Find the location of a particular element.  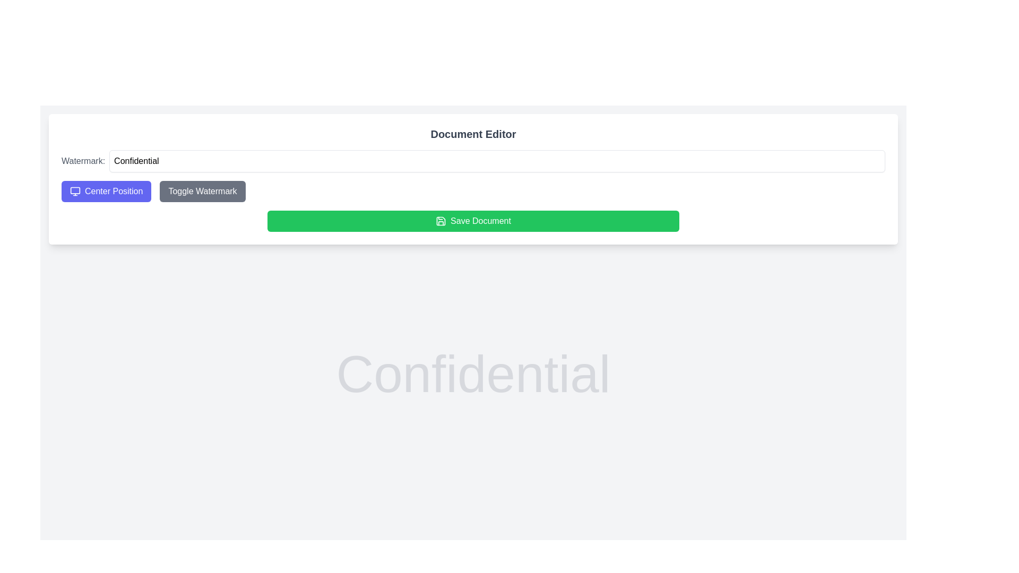

the 'Toggle Watermark' button, which has a dark gray background and white text is located at coordinates (203, 192).